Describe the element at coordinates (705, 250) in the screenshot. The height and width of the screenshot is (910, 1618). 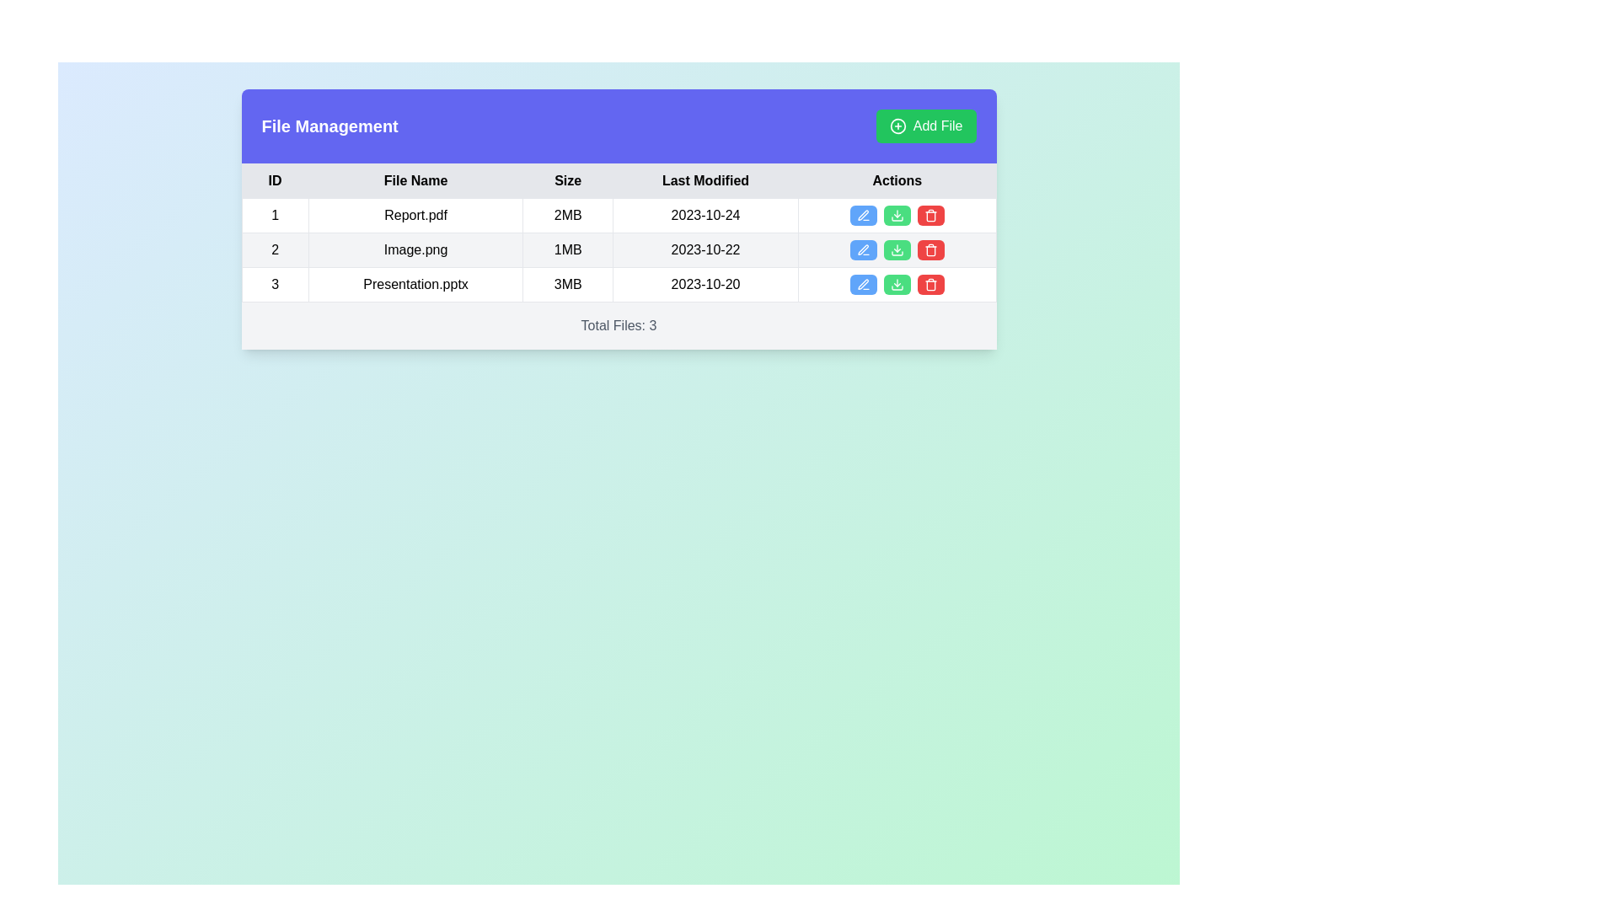
I see `the non-interactive text label displaying the last modified date of the file 'Image.png', located in the fourth column of the table` at that location.